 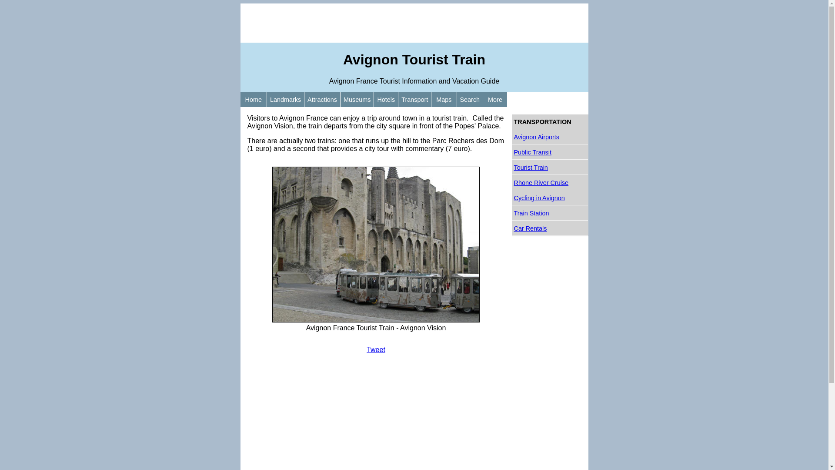 What do you see at coordinates (550, 152) in the screenshot?
I see `'Public Transit'` at bounding box center [550, 152].